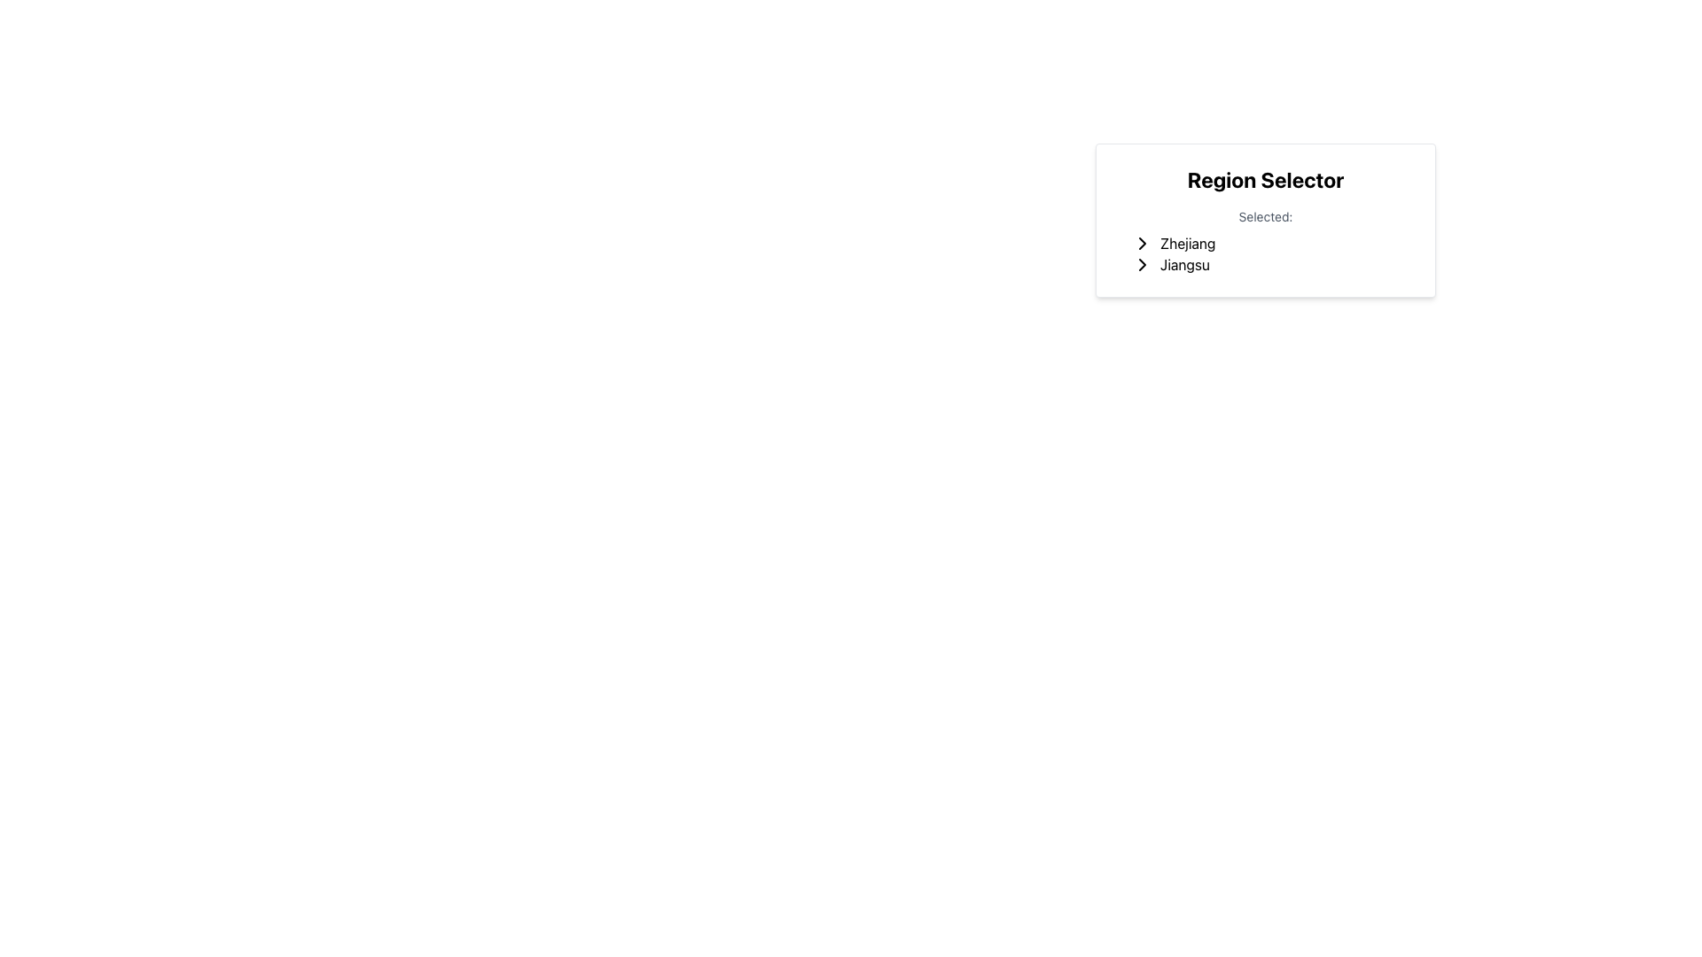  I want to click on the second chevron icon located to the left of the text 'Jiangsu' in the list of selectable regions under the title 'Region Selector', so click(1143, 265).